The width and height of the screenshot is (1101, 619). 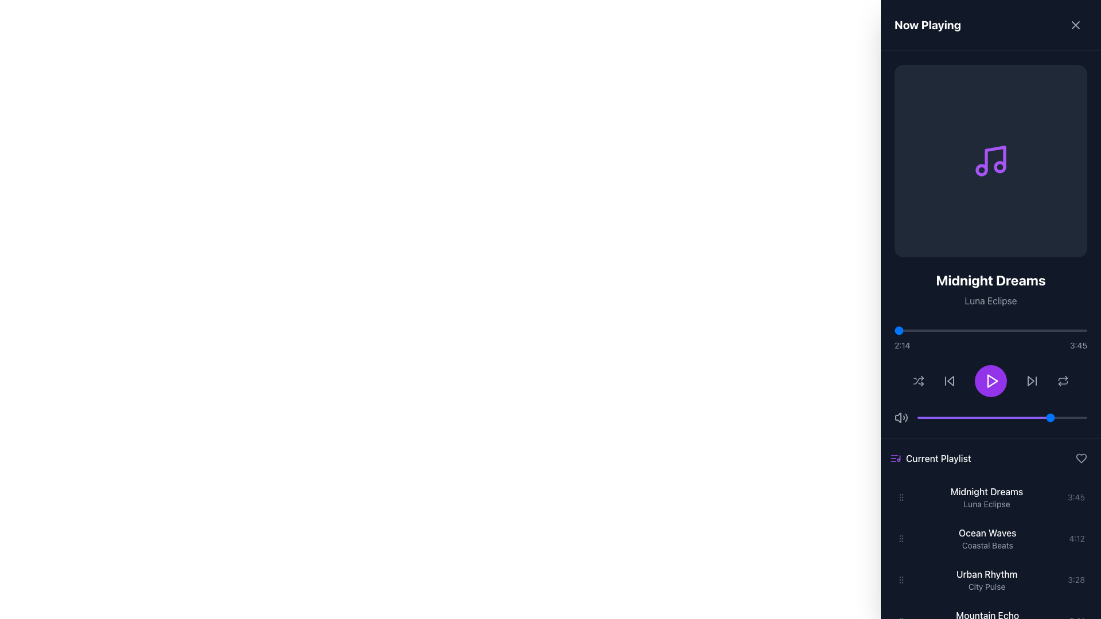 What do you see at coordinates (965, 331) in the screenshot?
I see `the playback progress` at bounding box center [965, 331].